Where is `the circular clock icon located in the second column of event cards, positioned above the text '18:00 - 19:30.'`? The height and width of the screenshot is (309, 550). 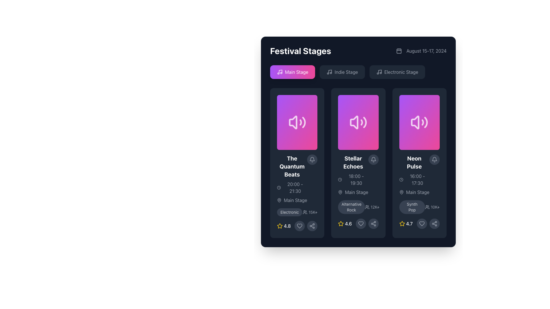
the circular clock icon located in the second column of event cards, positioned above the text '18:00 - 19:30.' is located at coordinates (340, 179).